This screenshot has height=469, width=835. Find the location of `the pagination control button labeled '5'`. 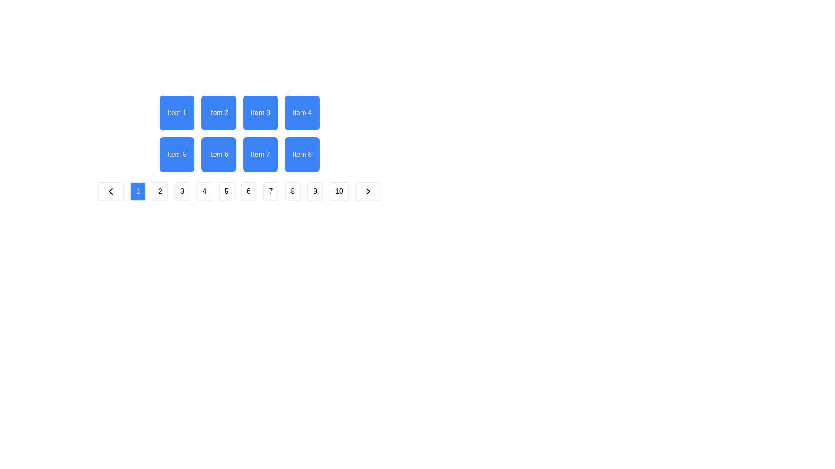

the pagination control button labeled '5' is located at coordinates (227, 191).